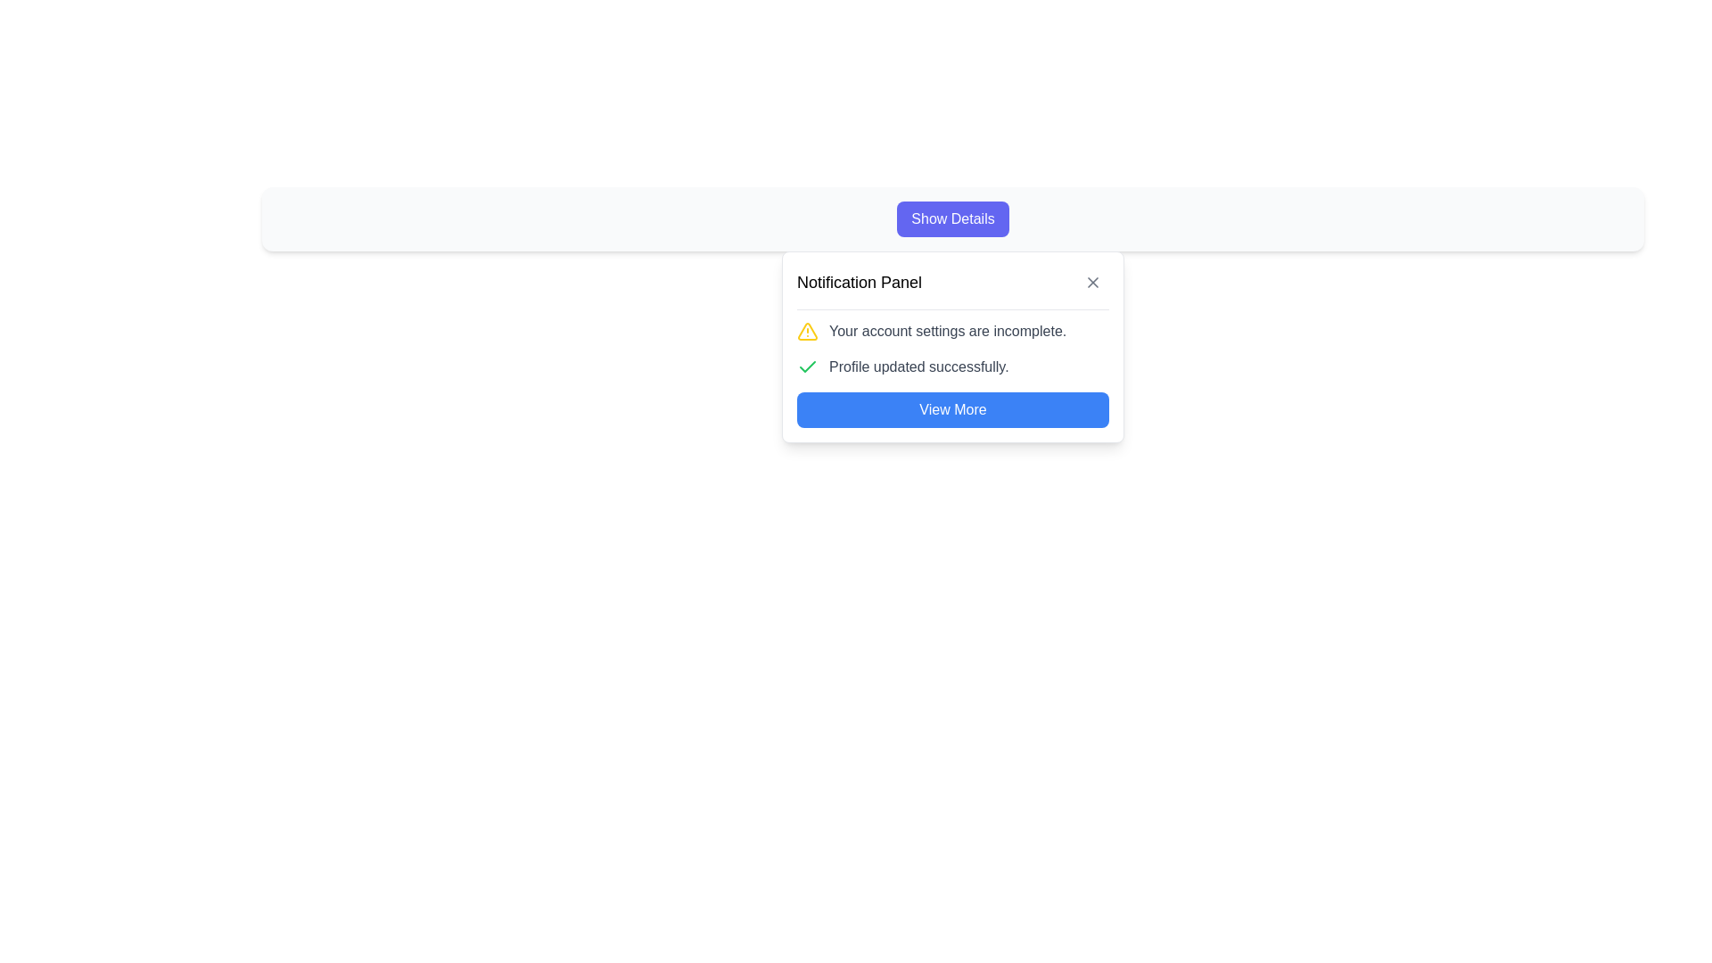  What do you see at coordinates (807, 331) in the screenshot?
I see `the warning icon located to the left of the text 'Your account settings are incomplete.' in the notification area` at bounding box center [807, 331].